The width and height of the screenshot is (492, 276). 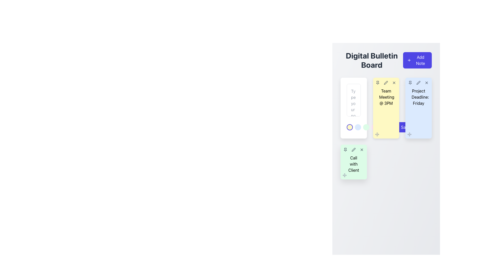 What do you see at coordinates (386, 115) in the screenshot?
I see `the note card element located in the center column of the grid layout, which is the second note from the left` at bounding box center [386, 115].